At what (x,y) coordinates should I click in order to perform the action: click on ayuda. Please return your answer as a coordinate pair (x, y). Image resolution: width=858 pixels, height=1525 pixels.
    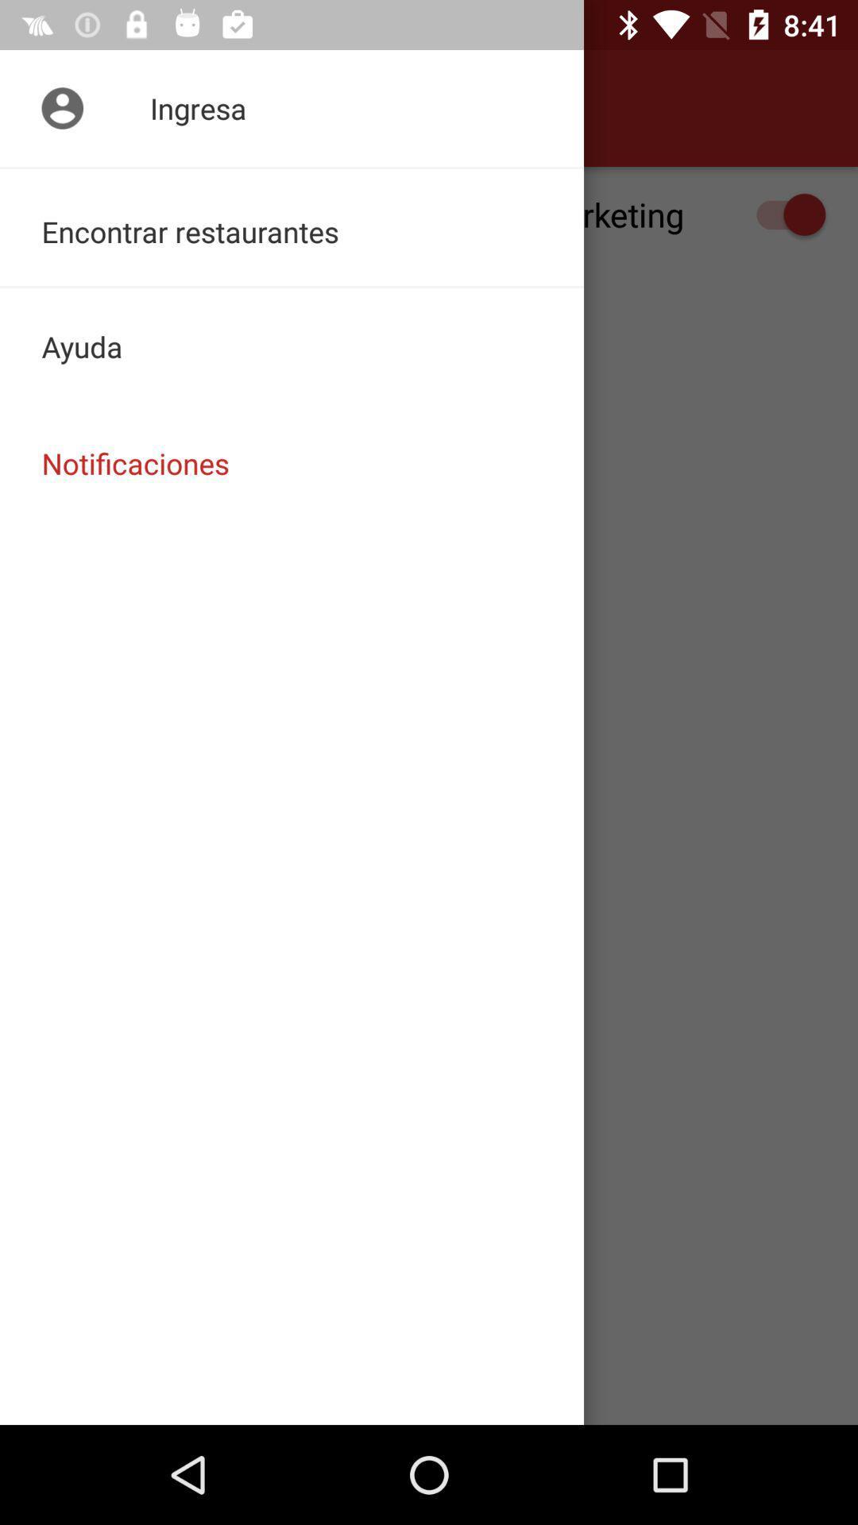
    Looking at the image, I should click on (292, 346).